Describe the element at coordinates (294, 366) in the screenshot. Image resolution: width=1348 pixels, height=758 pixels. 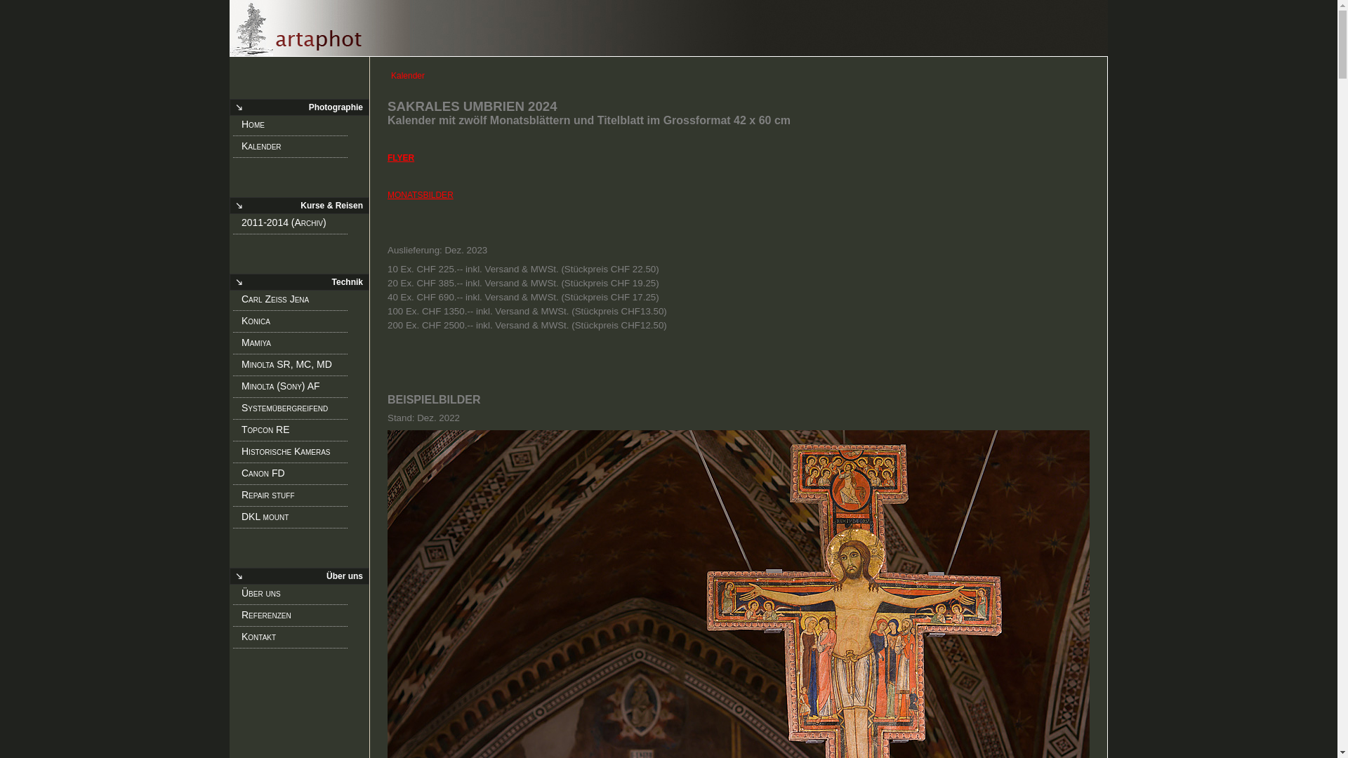
I see `'Minolta SR, MC, MD'` at that location.